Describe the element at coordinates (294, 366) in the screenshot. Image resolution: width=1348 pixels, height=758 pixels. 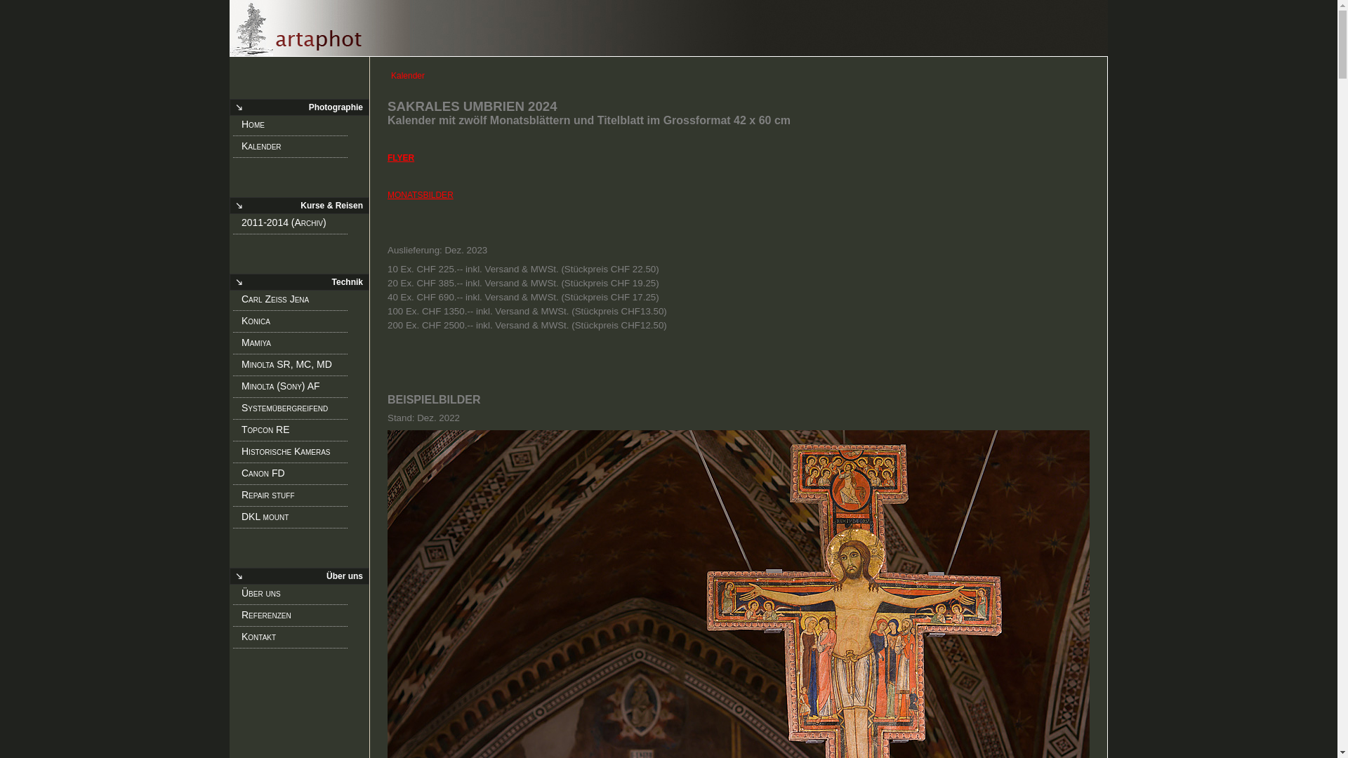
I see `'Minolta SR, MC, MD'` at that location.